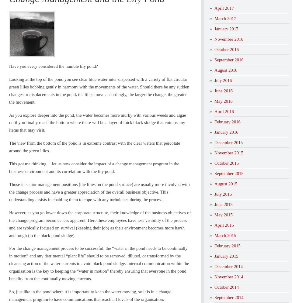  Describe the element at coordinates (9, 66) in the screenshot. I see `'Have you every considered the humble lily pond?'` at that location.